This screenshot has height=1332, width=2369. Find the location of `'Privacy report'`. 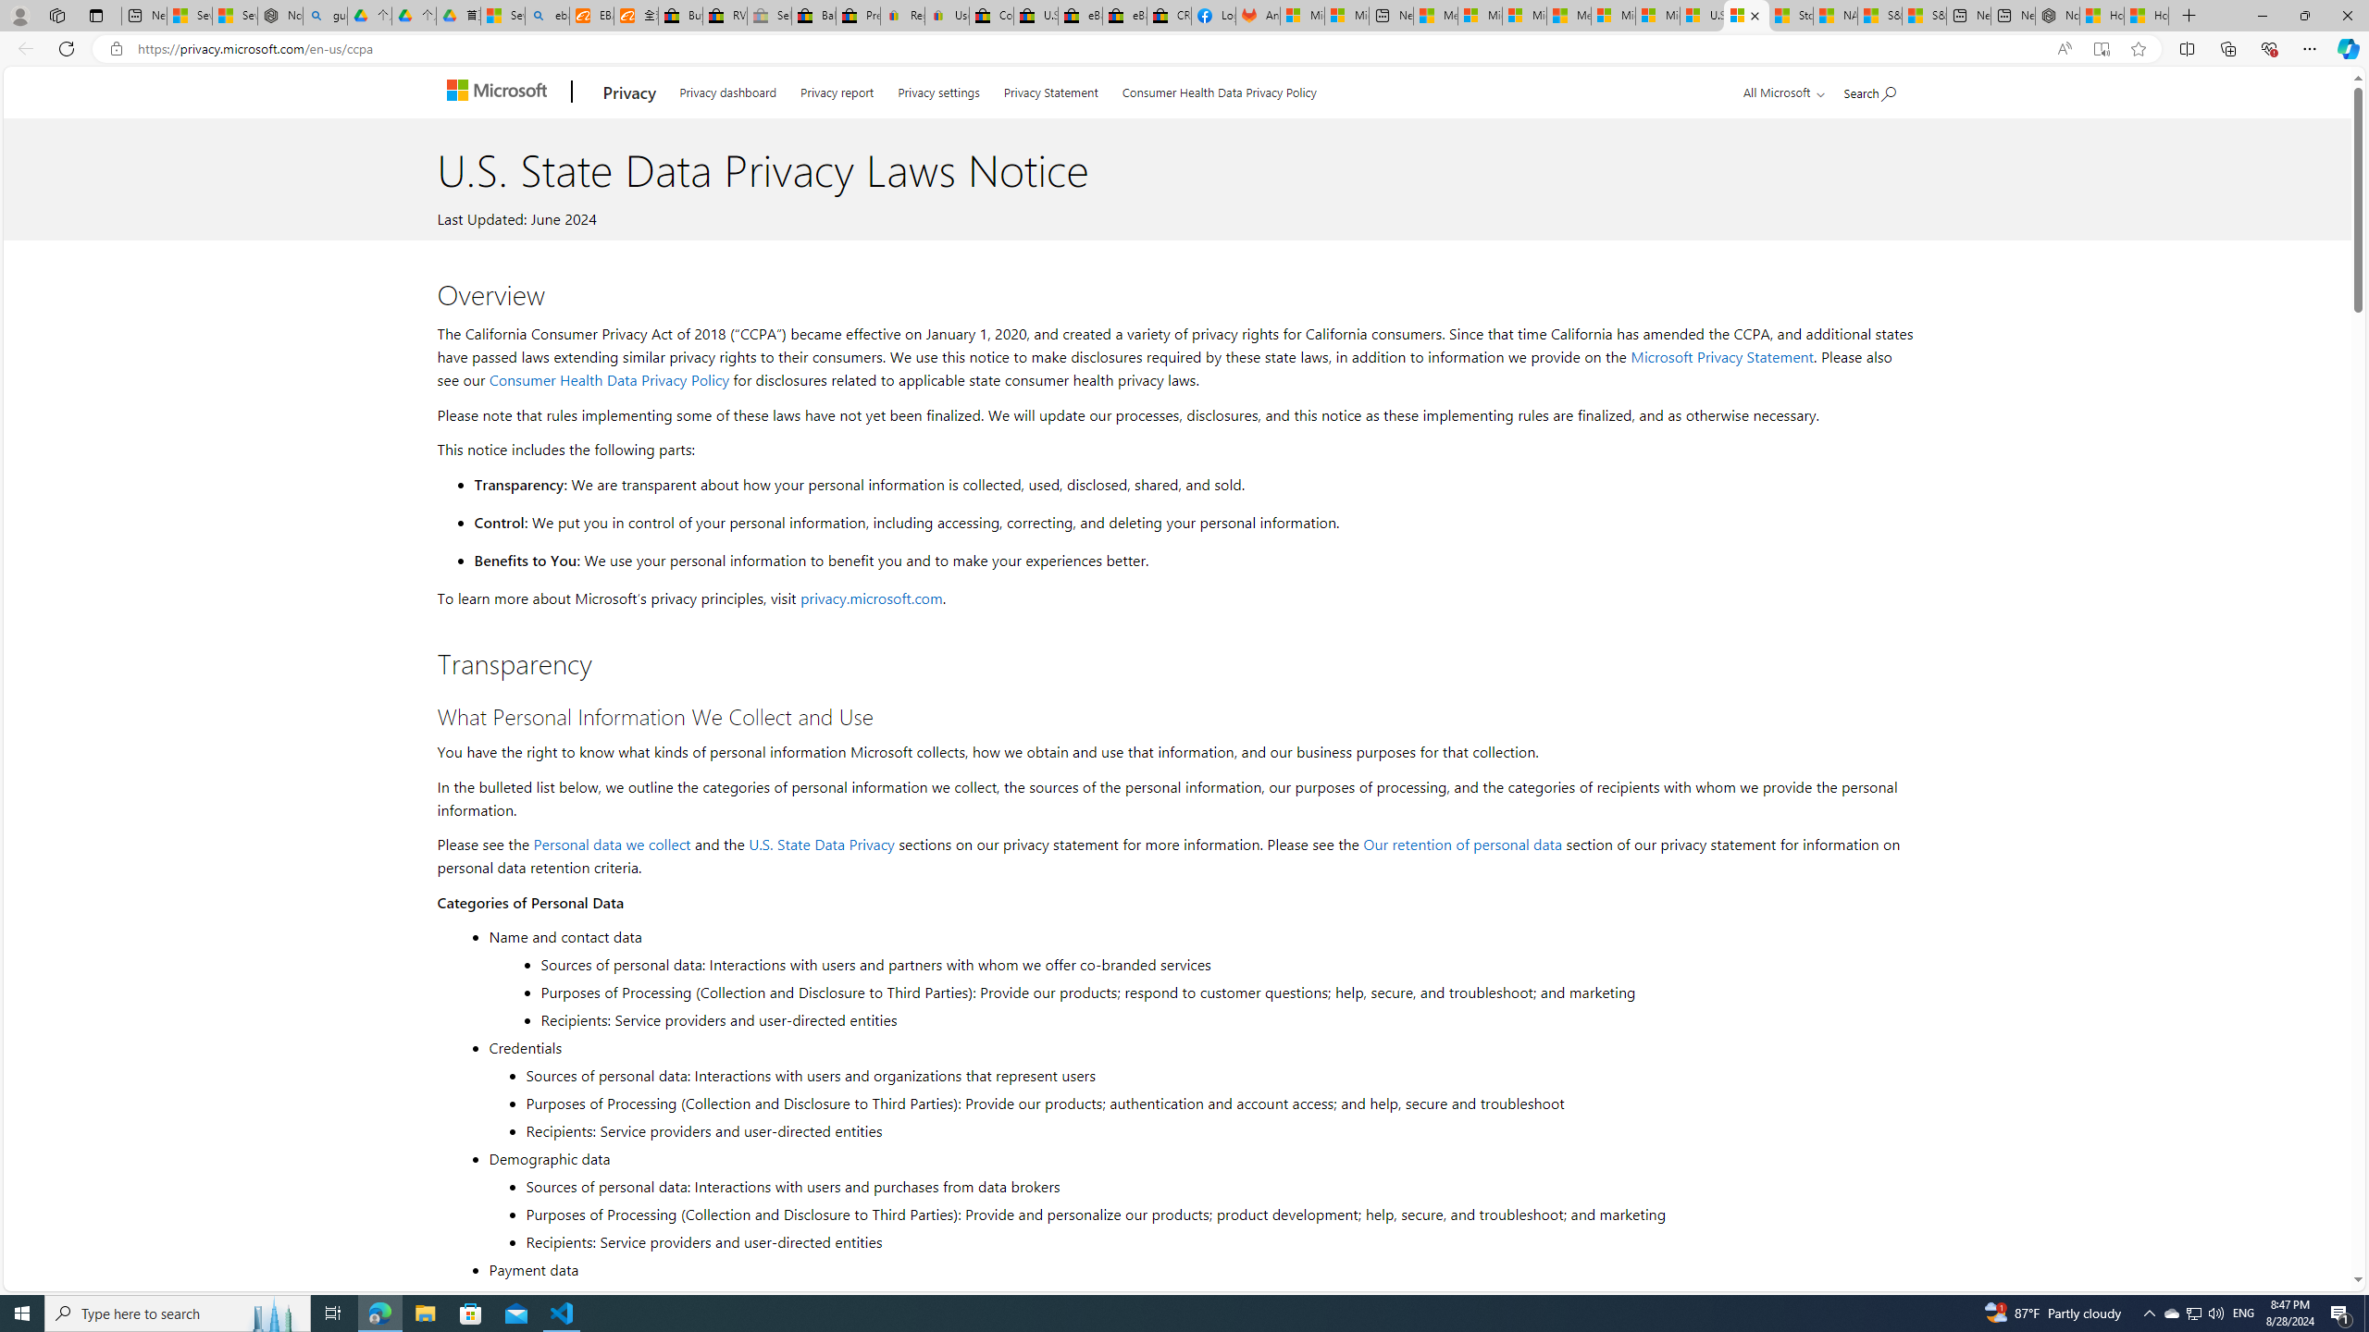

'Privacy report' is located at coordinates (837, 89).